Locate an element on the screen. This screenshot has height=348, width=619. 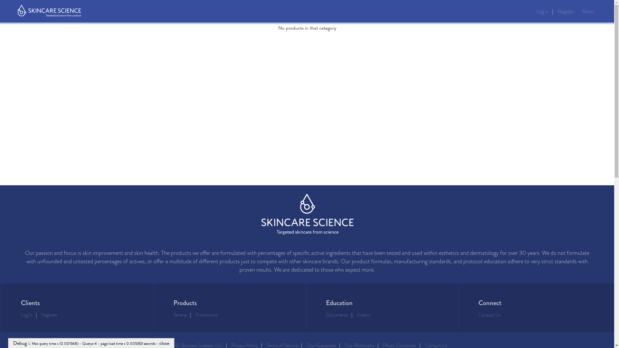
'Log In' is located at coordinates (26, 314).